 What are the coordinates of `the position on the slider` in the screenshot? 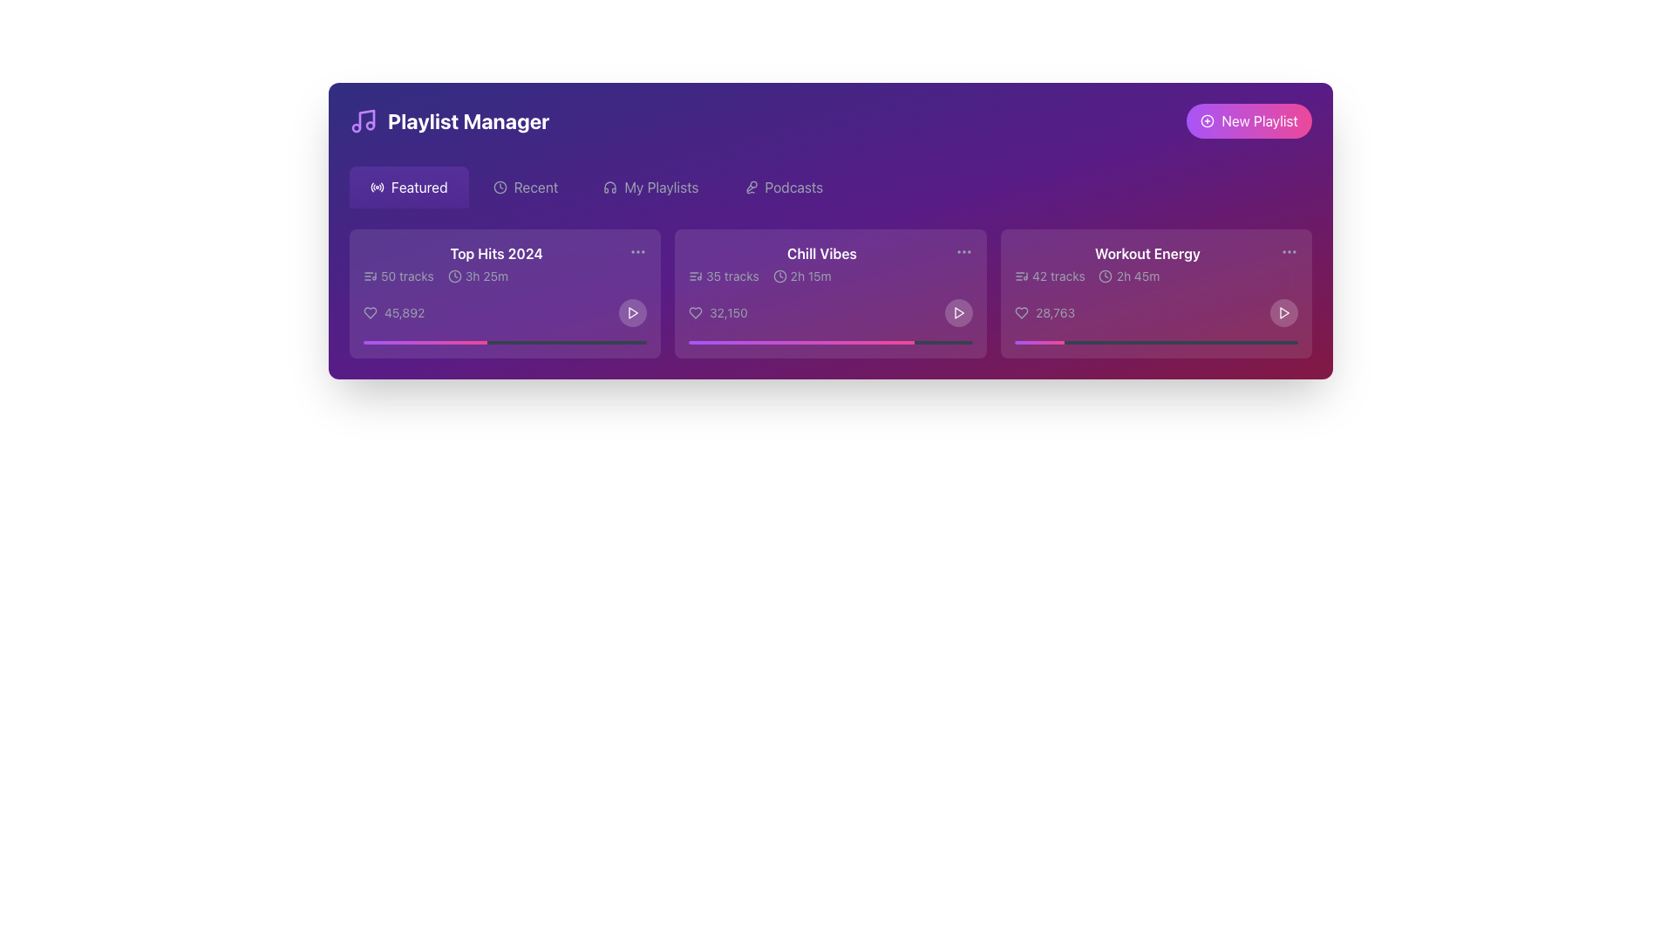 It's located at (756, 343).